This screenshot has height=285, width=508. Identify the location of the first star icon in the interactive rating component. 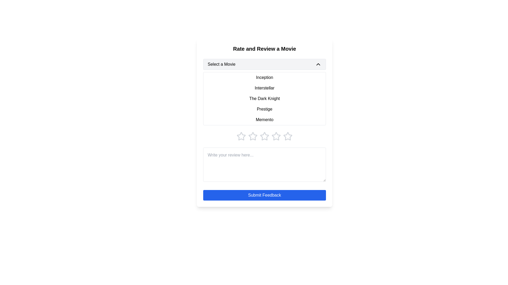
(241, 136).